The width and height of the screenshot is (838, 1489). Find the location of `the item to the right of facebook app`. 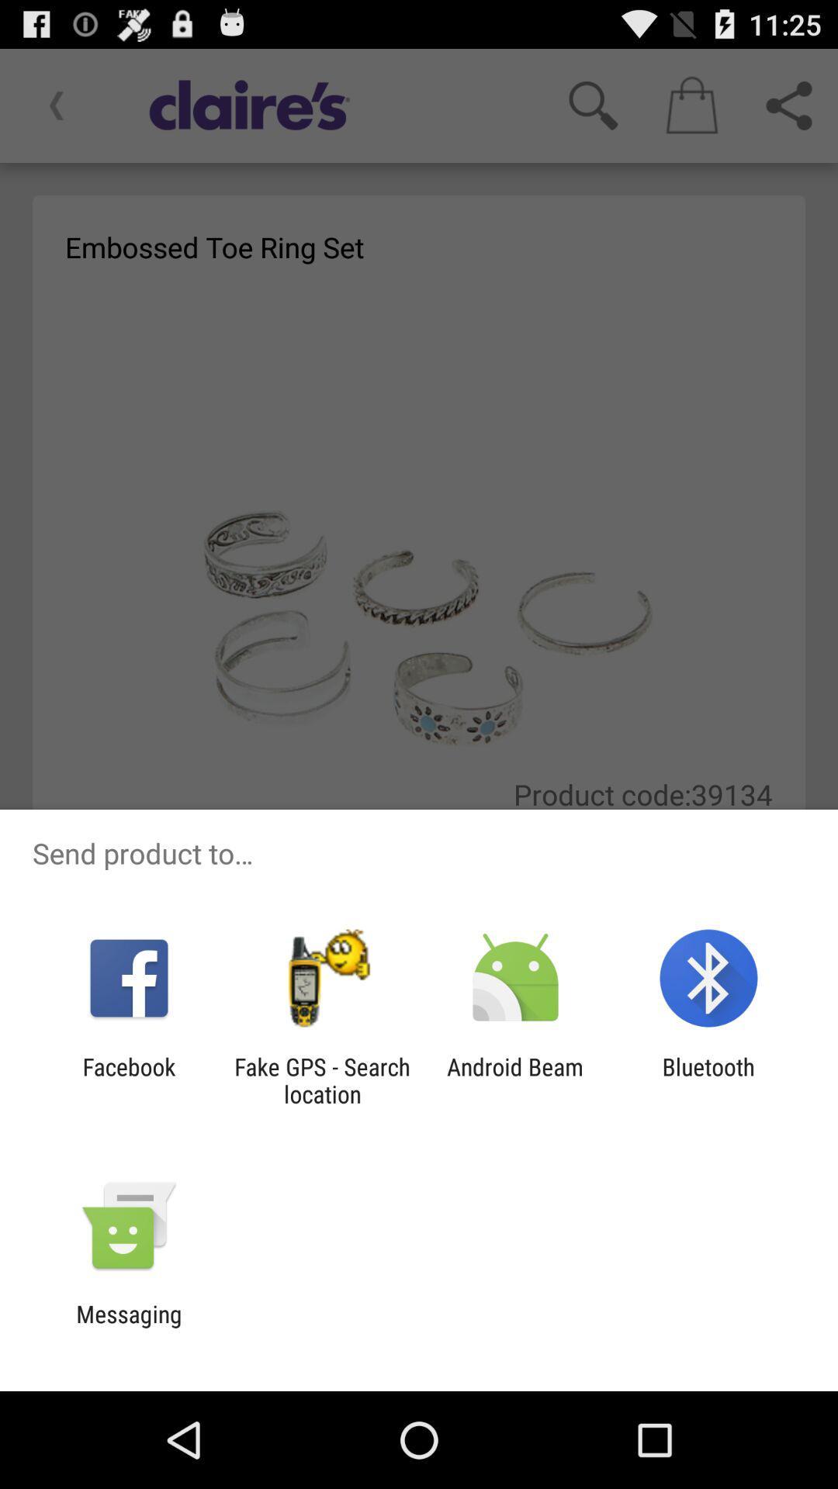

the item to the right of facebook app is located at coordinates (321, 1080).